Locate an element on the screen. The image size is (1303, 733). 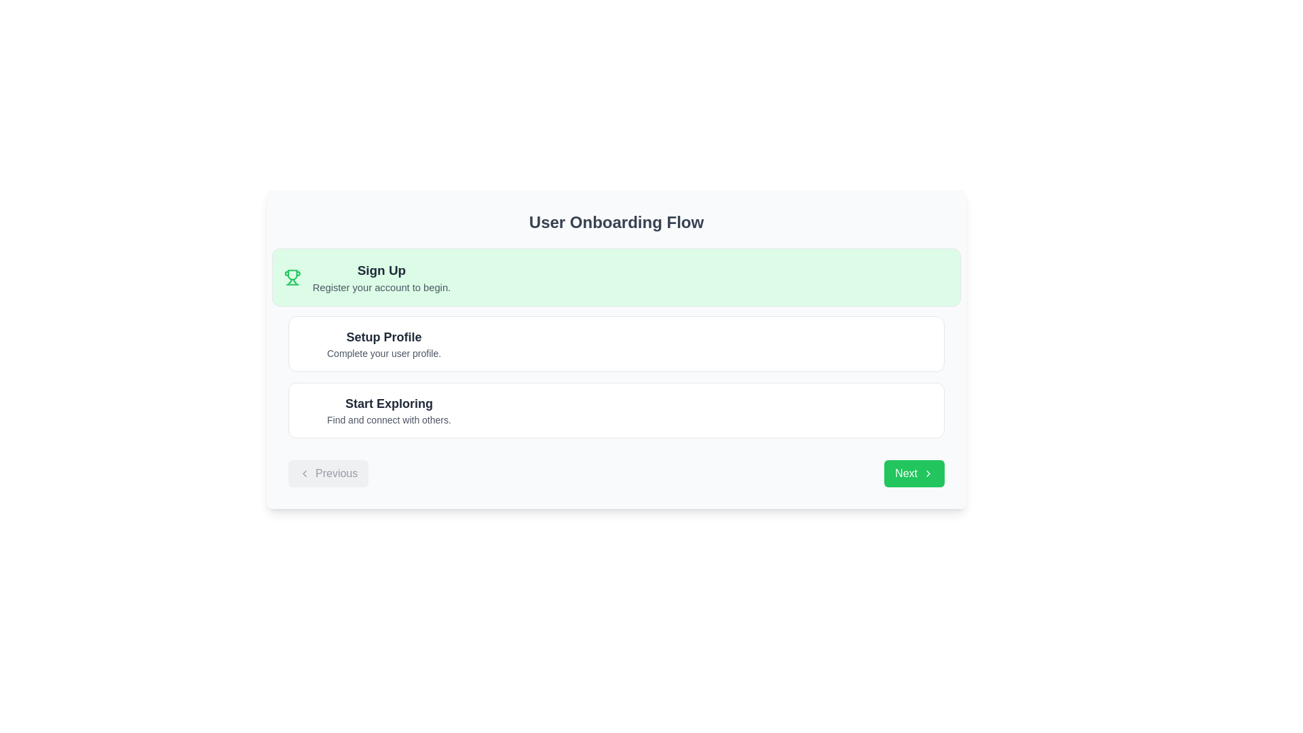
the text block that says 'Start Exploring' and 'Find and connect with others', which is the third item in the onboarding steps is located at coordinates (388, 410).